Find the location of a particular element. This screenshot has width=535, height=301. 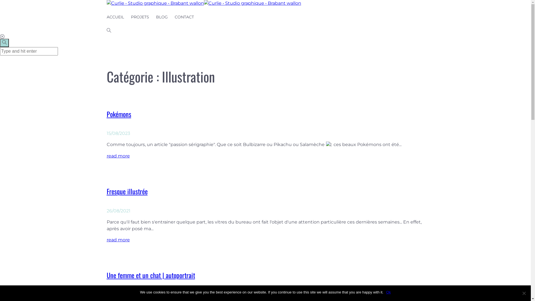

'read more' is located at coordinates (118, 156).